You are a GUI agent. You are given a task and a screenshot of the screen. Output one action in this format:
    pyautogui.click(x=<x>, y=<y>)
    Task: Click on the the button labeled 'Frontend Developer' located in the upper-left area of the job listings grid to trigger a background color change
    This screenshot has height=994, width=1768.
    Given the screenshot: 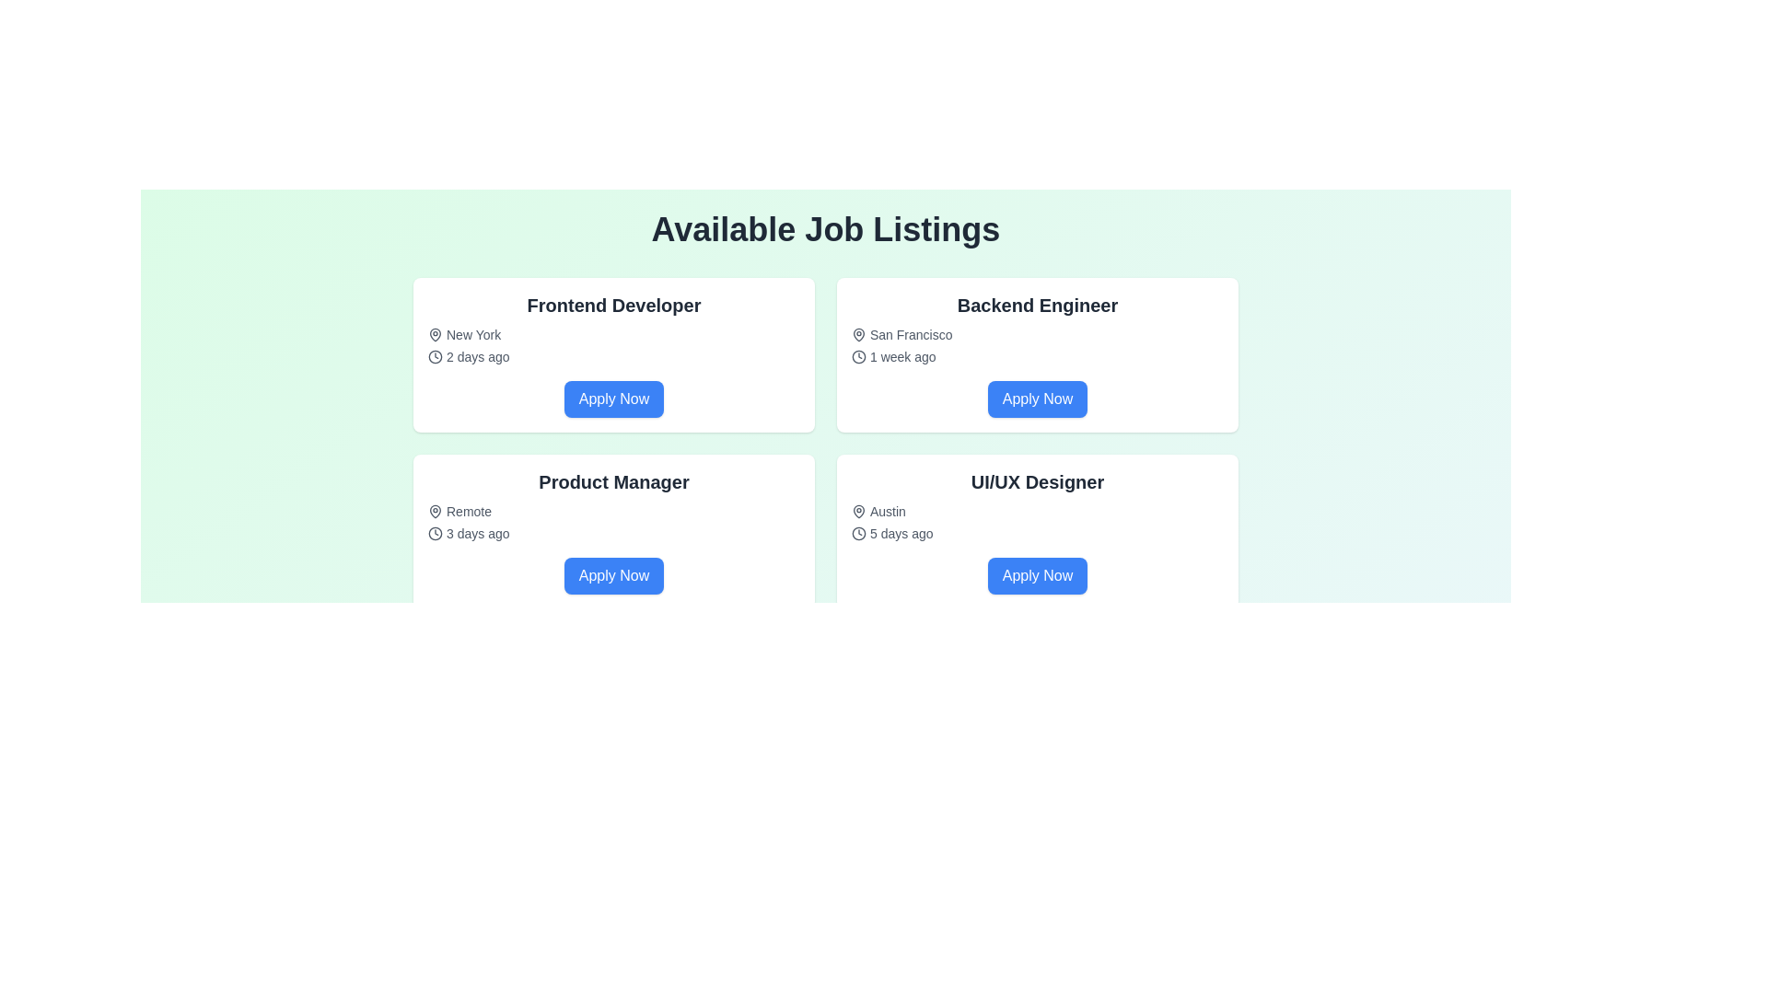 What is the action you would take?
    pyautogui.click(x=614, y=399)
    